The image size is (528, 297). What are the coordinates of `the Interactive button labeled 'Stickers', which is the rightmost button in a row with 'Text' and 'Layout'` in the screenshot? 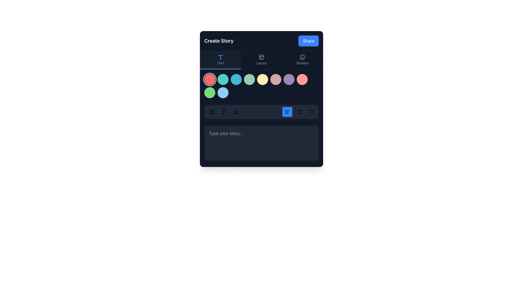 It's located at (302, 60).